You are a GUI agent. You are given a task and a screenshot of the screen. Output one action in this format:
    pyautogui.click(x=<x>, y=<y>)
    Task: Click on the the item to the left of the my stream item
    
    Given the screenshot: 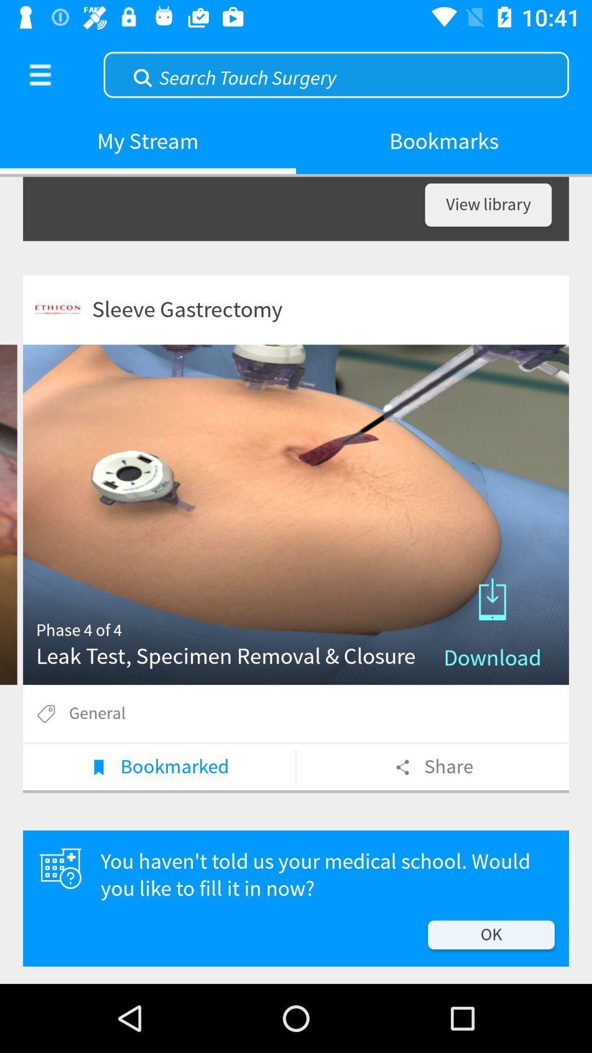 What is the action you would take?
    pyautogui.click(x=39, y=74)
    